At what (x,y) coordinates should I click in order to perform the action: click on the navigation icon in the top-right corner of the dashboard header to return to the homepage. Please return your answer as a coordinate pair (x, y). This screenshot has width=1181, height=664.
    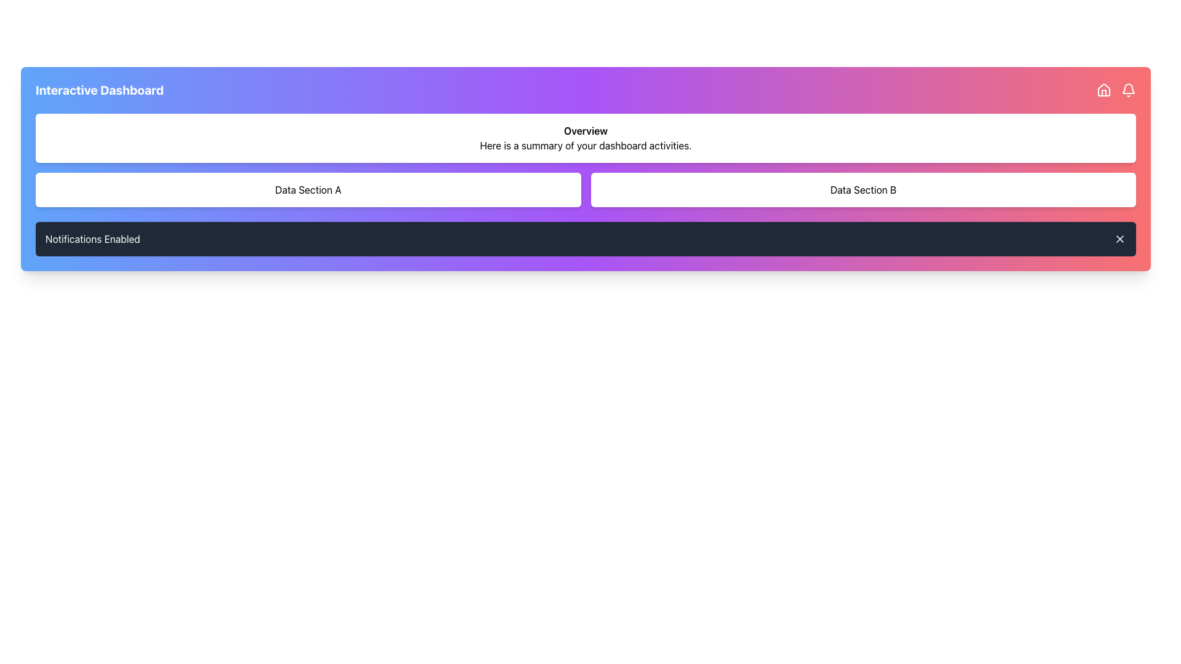
    Looking at the image, I should click on (1104, 89).